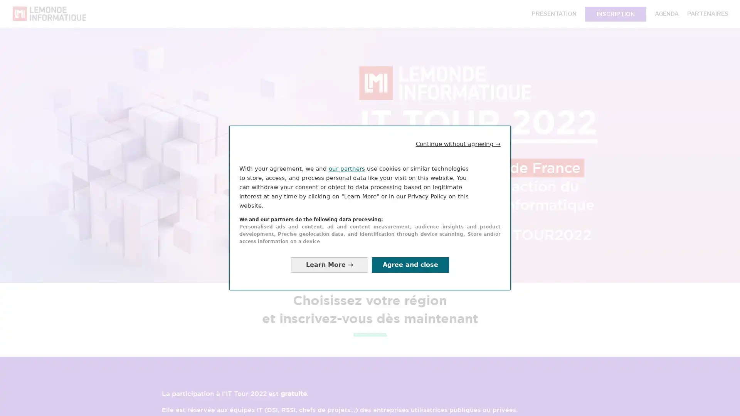  Describe the element at coordinates (329, 264) in the screenshot. I see `Configure your consents` at that location.